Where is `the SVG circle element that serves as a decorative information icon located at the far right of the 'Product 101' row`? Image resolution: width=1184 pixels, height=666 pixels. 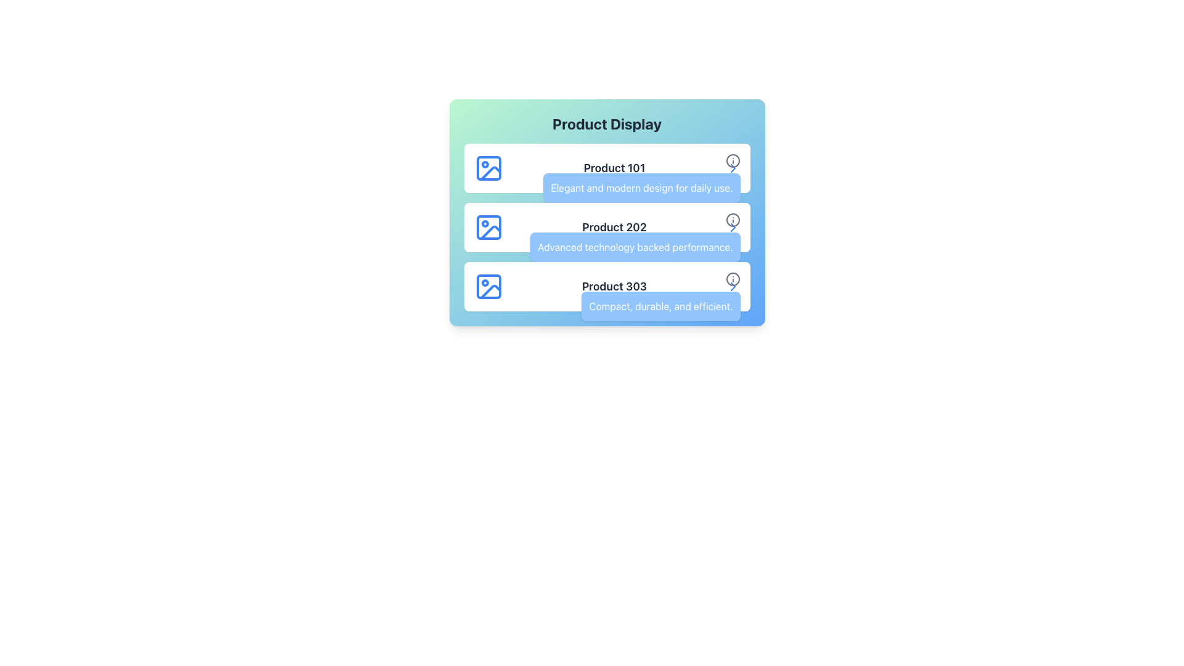
the SVG circle element that serves as a decorative information icon located at the far right of the 'Product 101' row is located at coordinates (733, 160).